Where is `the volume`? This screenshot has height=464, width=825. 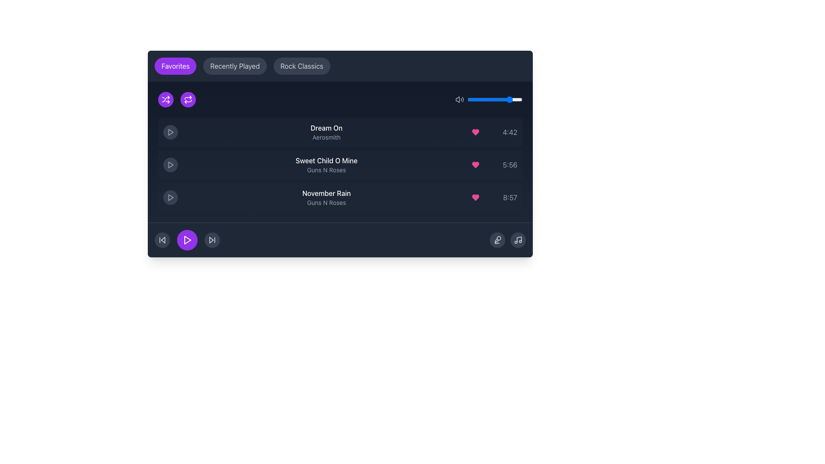
the volume is located at coordinates (495, 99).